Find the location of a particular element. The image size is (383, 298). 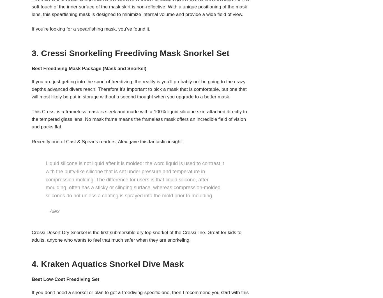

'Cressi Desert Dry Snorkel is the first submersible dry top snorkel of the Cressi line. Great for kids to adults, anyone who wants to feel that much safer when they are snorkeling.' is located at coordinates (136, 236).